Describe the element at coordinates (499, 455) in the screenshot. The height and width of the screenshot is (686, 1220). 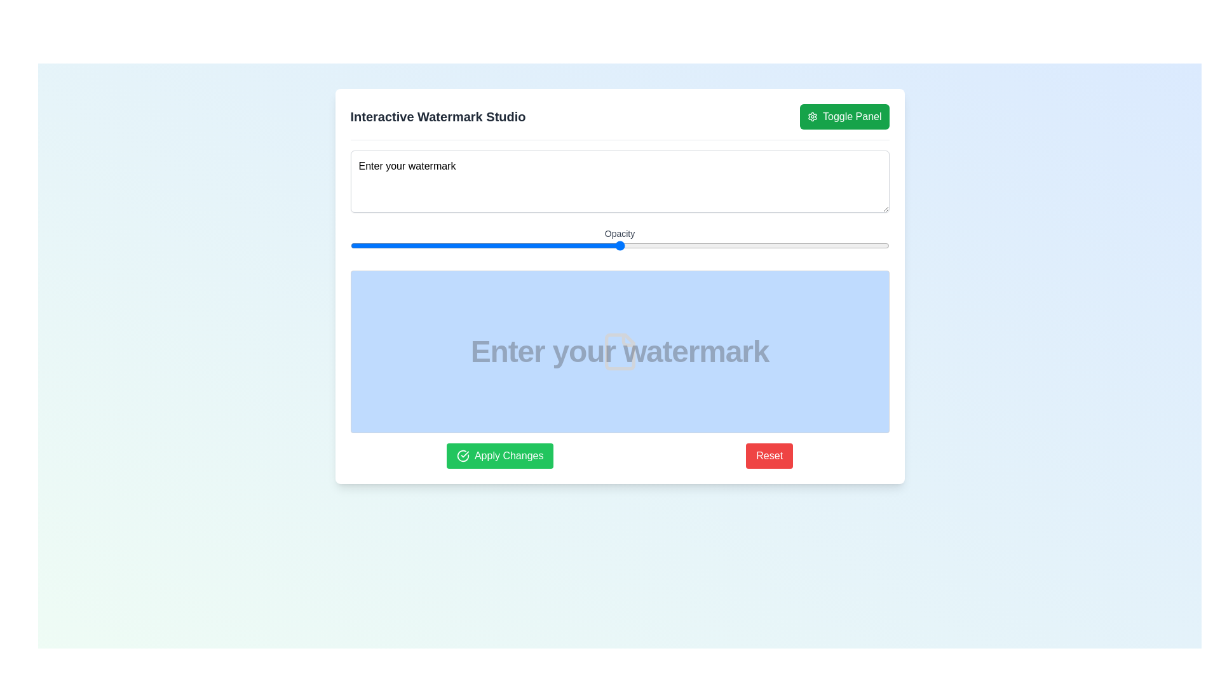
I see `the 'Apply Changes' button, which is the leftmost button of two at the bottom of the interface, to confirm and apply modifications made within the interactive tool` at that location.